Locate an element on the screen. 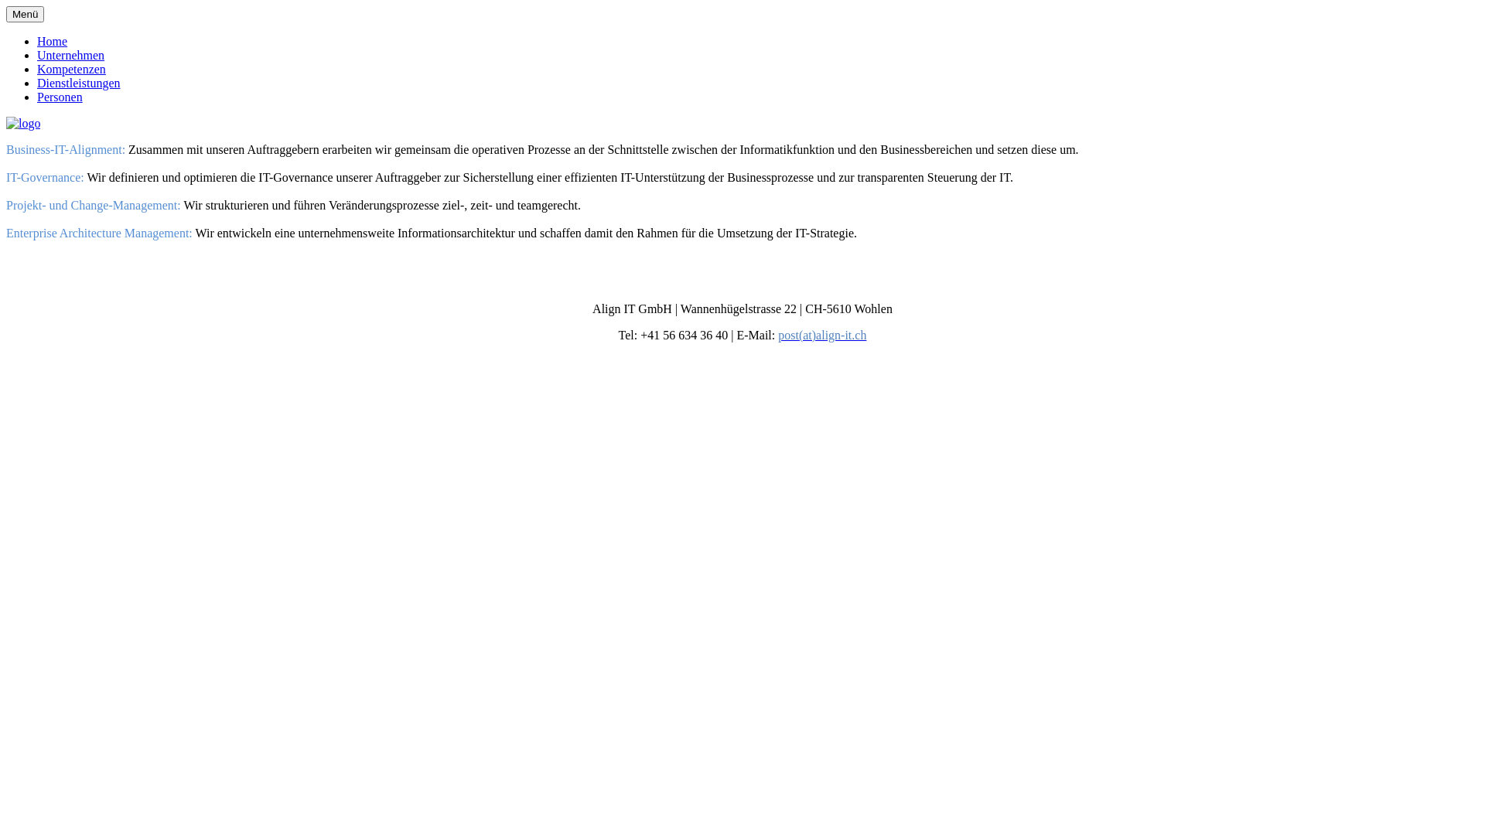  'Unternehmen' is located at coordinates (70, 54).